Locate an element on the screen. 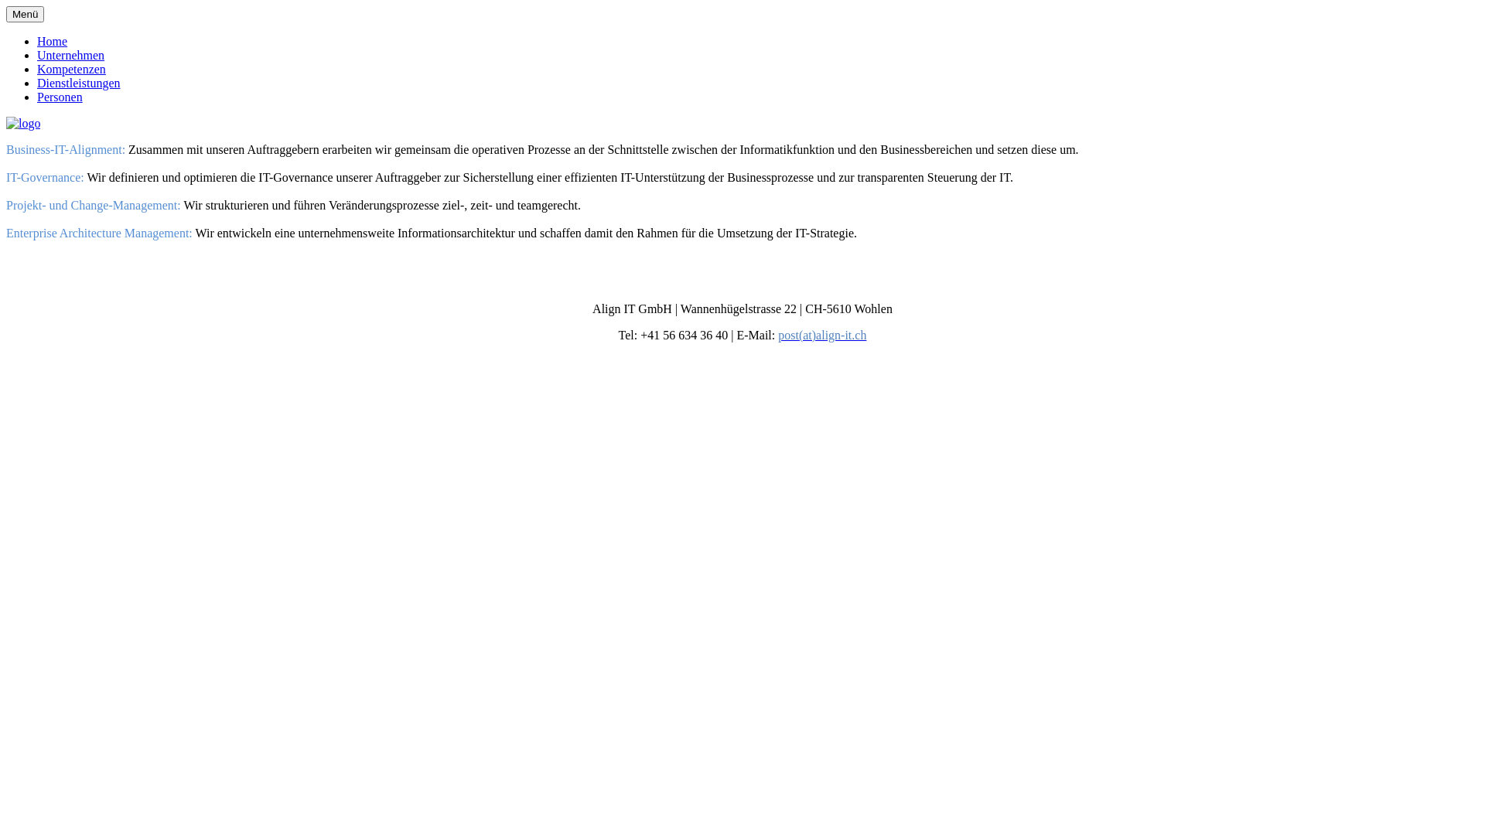  'Unternehmen' is located at coordinates (70, 54).